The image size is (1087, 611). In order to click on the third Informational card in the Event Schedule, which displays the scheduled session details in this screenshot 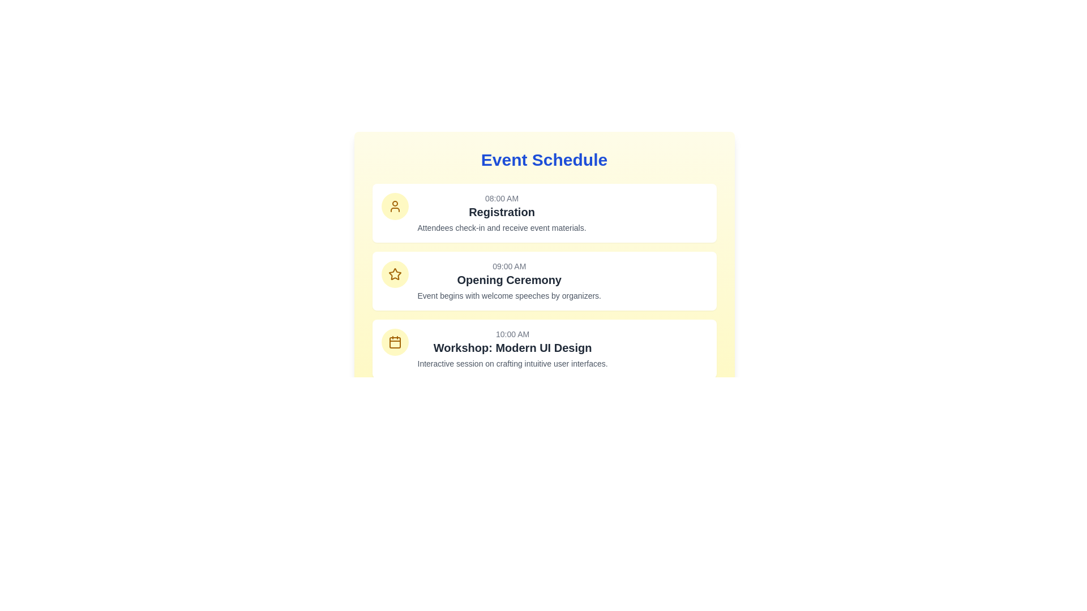, I will do `click(544, 348)`.